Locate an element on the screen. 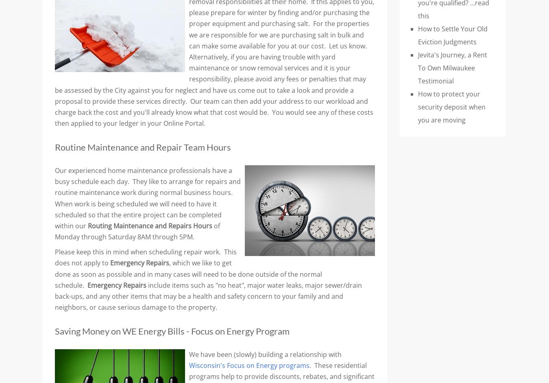 The width and height of the screenshot is (549, 383). 'Please keep this in mind when scheduling repair work.  This does not apply to' is located at coordinates (146, 257).